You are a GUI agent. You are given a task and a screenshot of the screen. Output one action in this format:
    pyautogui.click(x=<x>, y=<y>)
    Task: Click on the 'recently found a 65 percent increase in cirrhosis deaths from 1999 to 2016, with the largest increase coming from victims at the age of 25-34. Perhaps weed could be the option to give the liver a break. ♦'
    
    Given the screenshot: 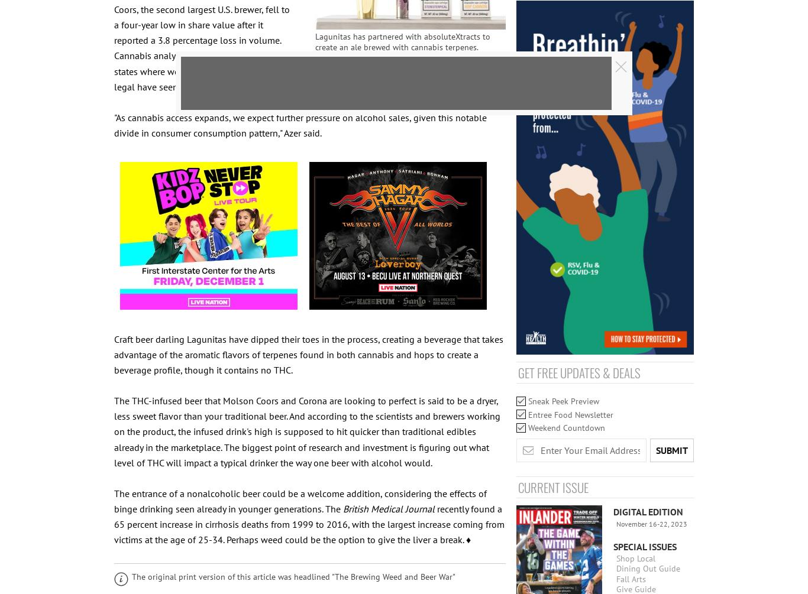 What is the action you would take?
    pyautogui.click(x=309, y=524)
    